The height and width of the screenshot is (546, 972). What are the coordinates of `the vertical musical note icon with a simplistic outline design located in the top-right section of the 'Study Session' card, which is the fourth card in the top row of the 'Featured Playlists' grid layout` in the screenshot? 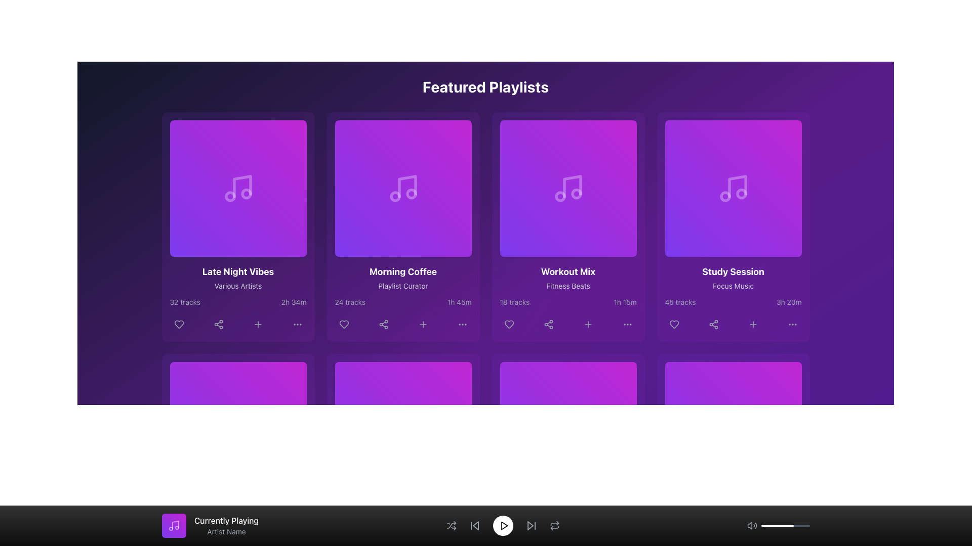 It's located at (737, 187).